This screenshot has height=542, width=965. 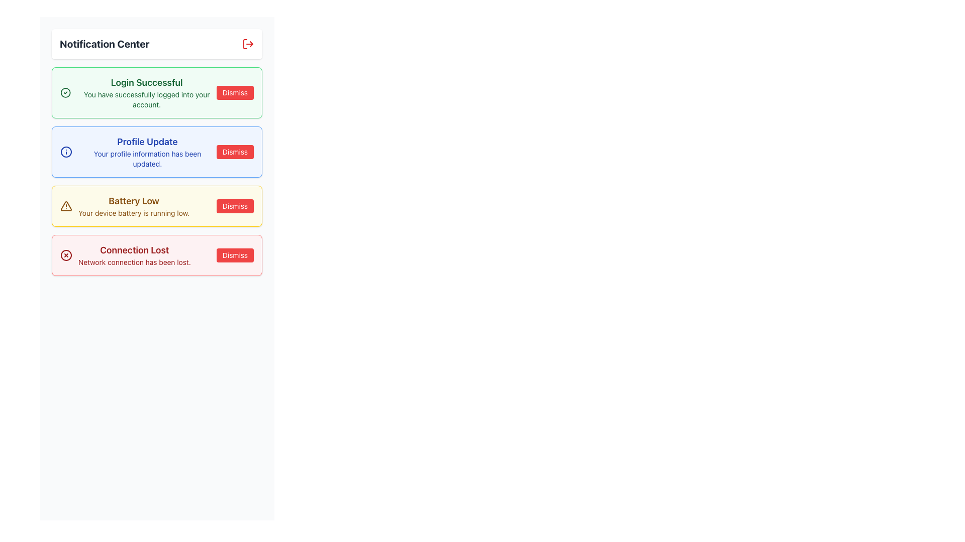 What do you see at coordinates (66, 255) in the screenshot?
I see `the 'Connection Lost' warning icon located at the bottom of the notification list, positioned to the left of the text` at bounding box center [66, 255].